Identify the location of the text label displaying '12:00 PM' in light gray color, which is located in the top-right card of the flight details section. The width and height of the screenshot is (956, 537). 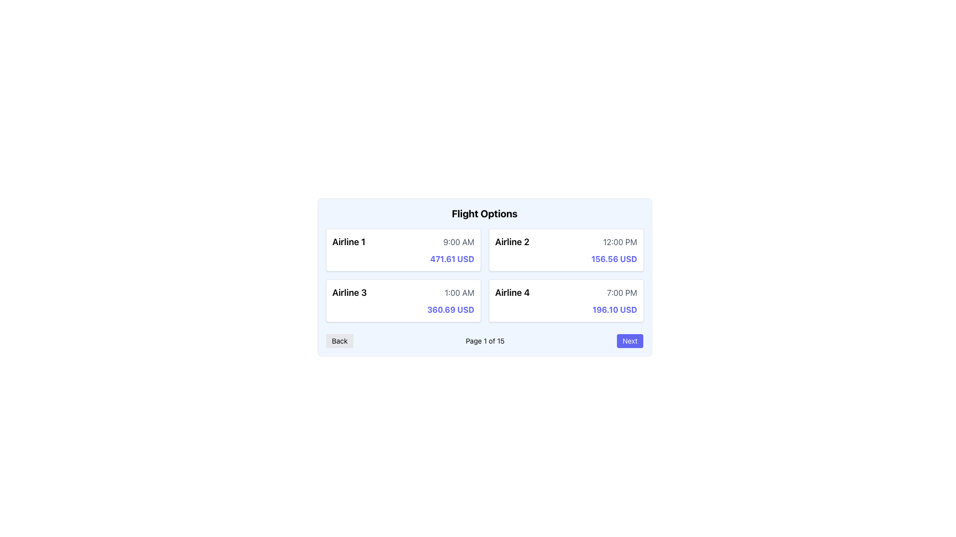
(619, 242).